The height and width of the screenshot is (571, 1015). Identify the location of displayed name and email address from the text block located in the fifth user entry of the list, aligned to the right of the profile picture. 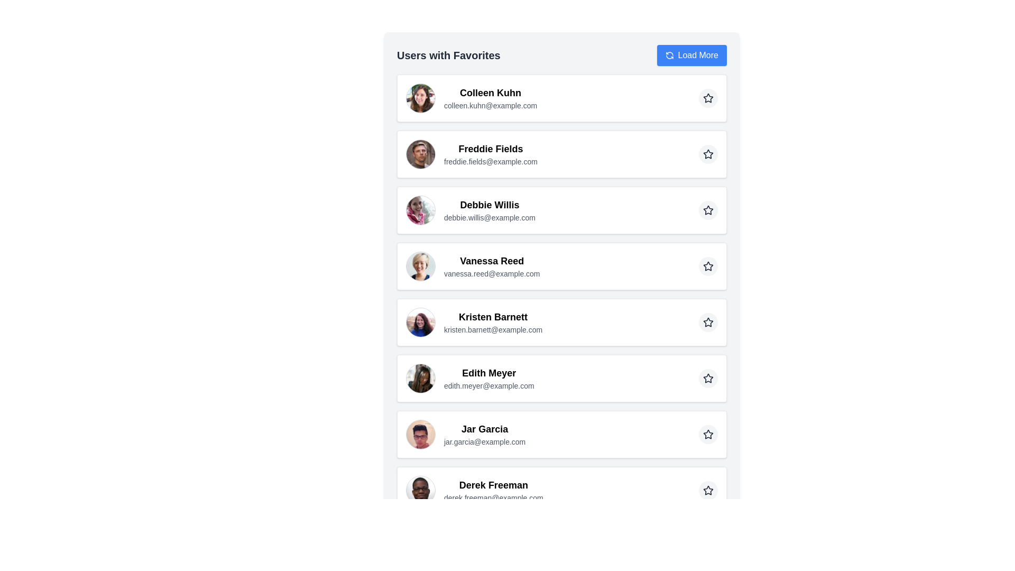
(493, 321).